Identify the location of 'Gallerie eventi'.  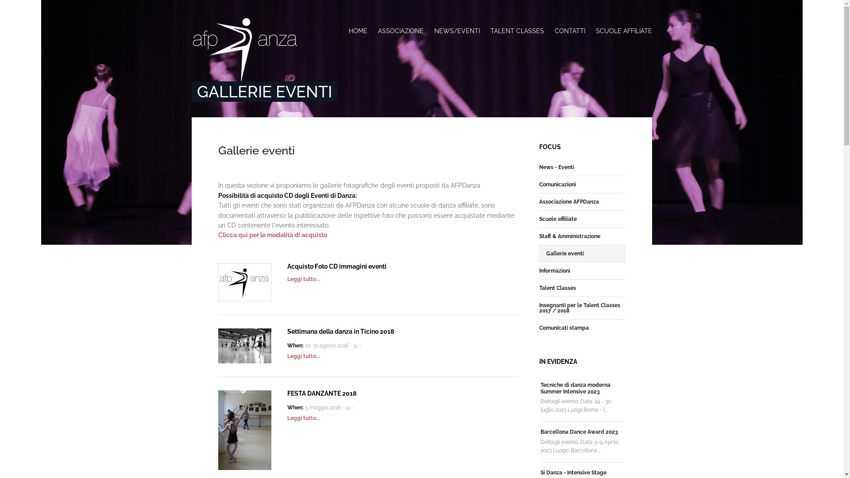
(564, 254).